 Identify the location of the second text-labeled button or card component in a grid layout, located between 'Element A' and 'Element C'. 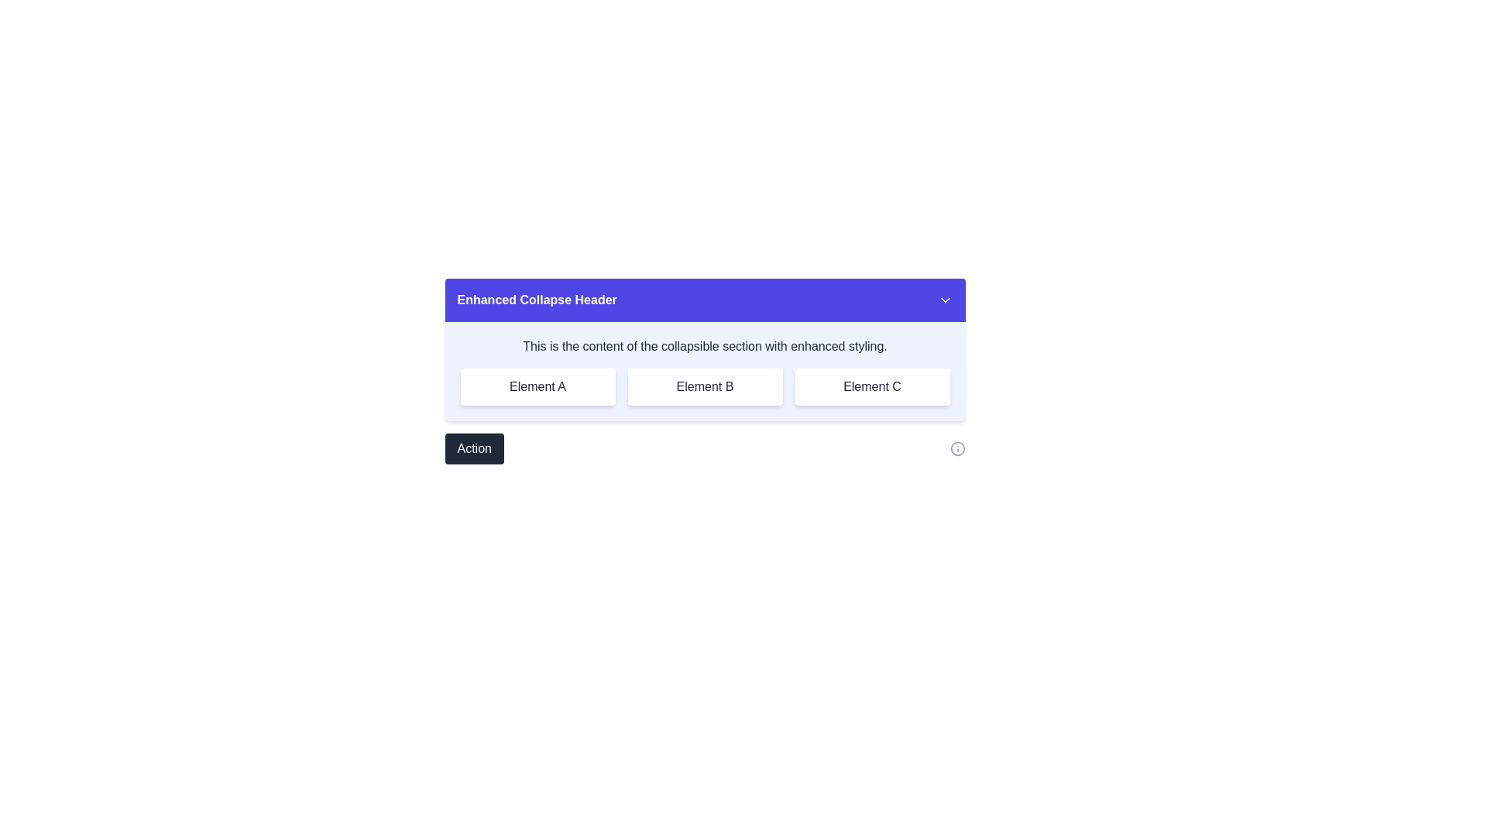
(704, 386).